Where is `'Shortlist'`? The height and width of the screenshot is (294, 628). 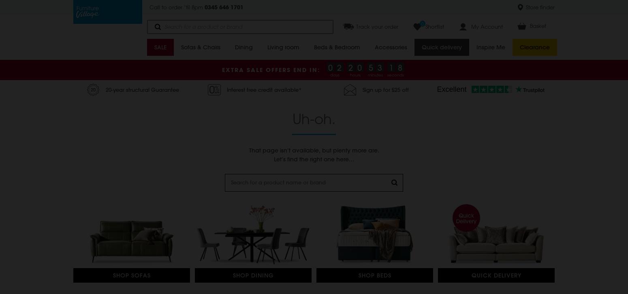
'Shortlist' is located at coordinates (435, 26).